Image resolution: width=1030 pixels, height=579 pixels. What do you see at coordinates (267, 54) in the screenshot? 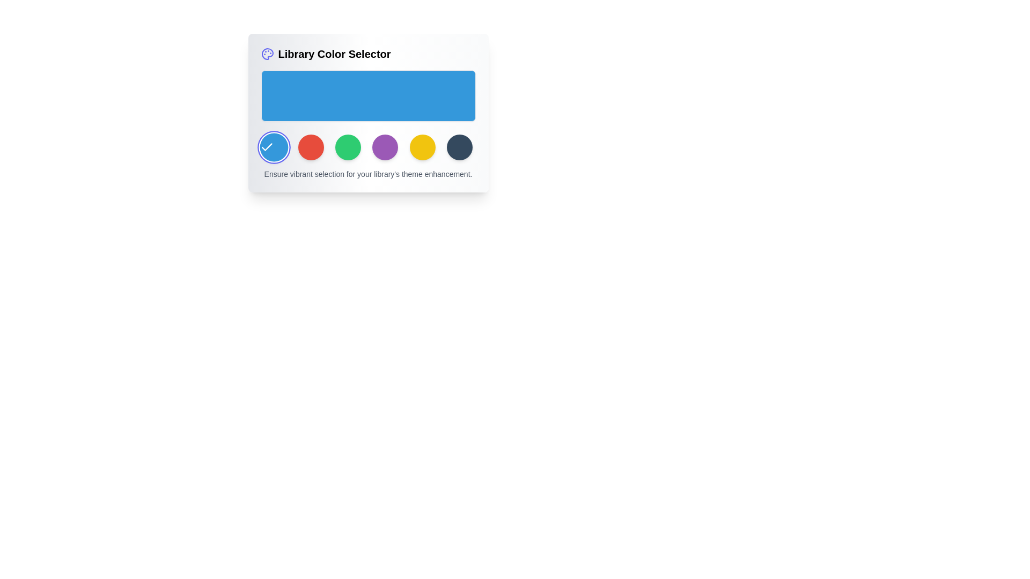
I see `the indigo palette or color selector icon located on the left within the 'Library Color Selector' section beside its text label` at bounding box center [267, 54].